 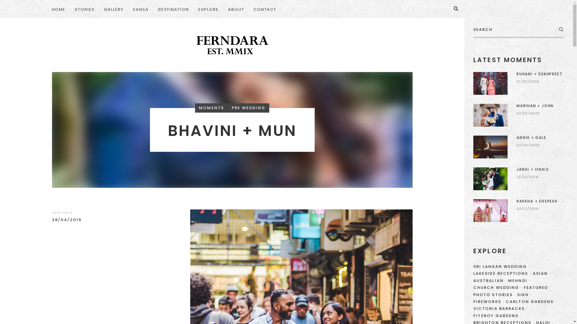 I want to click on 'MARIHAN + JOHN, so click(x=518, y=115).